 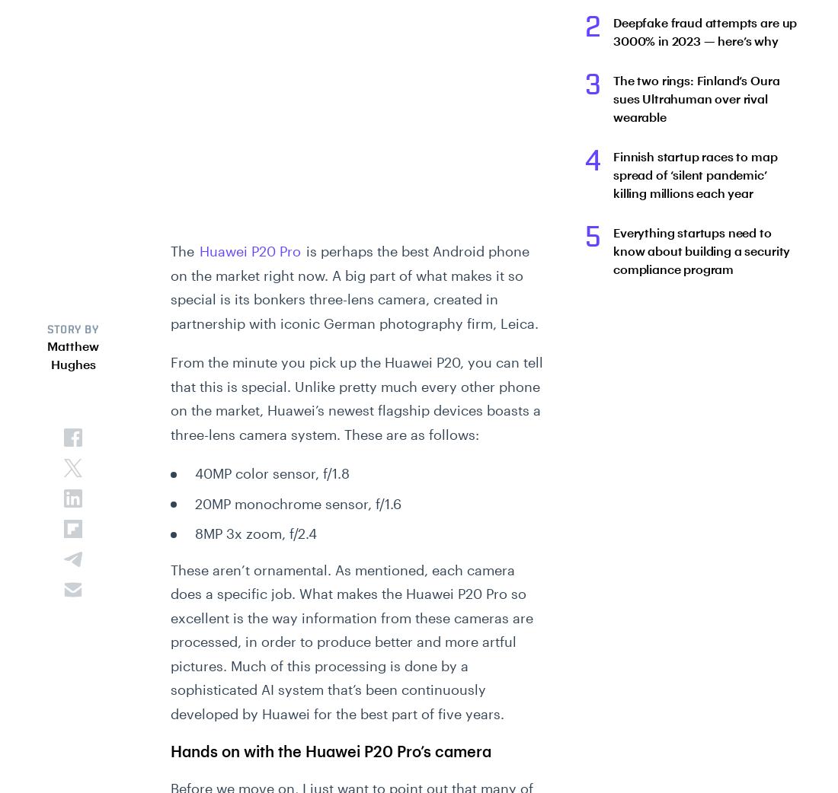 What do you see at coordinates (271, 473) in the screenshot?
I see `'40MP color sensor, f/1.8'` at bounding box center [271, 473].